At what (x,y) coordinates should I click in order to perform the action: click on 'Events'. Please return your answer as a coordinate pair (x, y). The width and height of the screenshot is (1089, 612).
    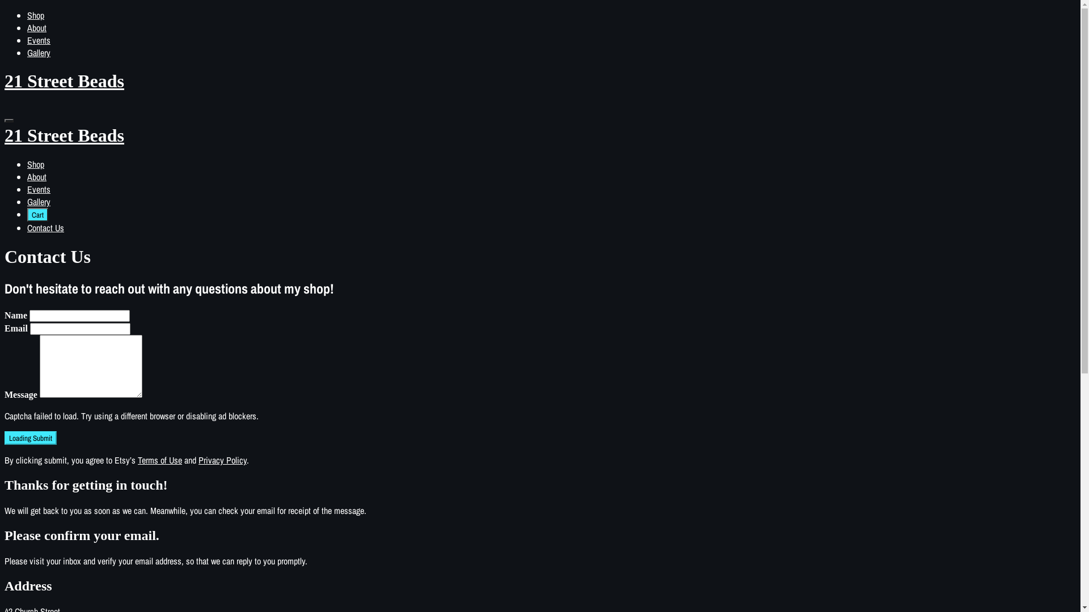
    Looking at the image, I should click on (39, 189).